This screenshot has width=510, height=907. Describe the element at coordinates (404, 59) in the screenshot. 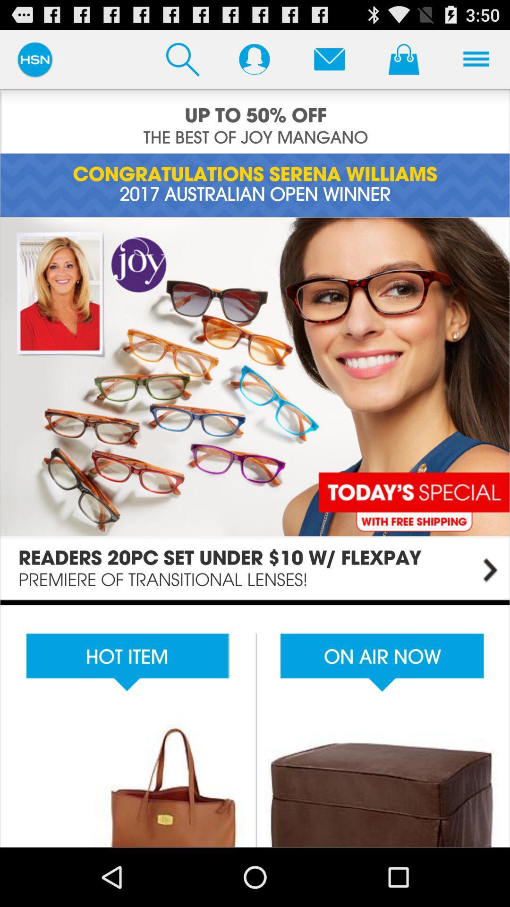

I see `open shopping kart` at that location.